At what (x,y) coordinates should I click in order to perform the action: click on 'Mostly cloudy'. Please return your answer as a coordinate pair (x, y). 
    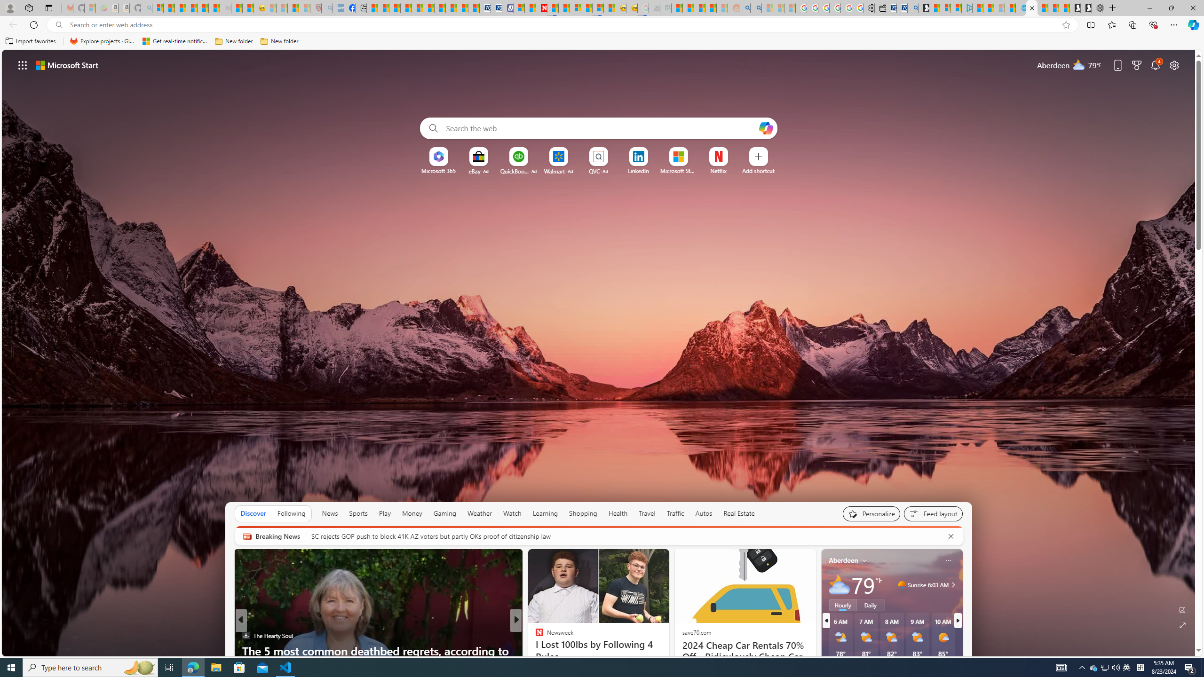
    Looking at the image, I should click on (839, 585).